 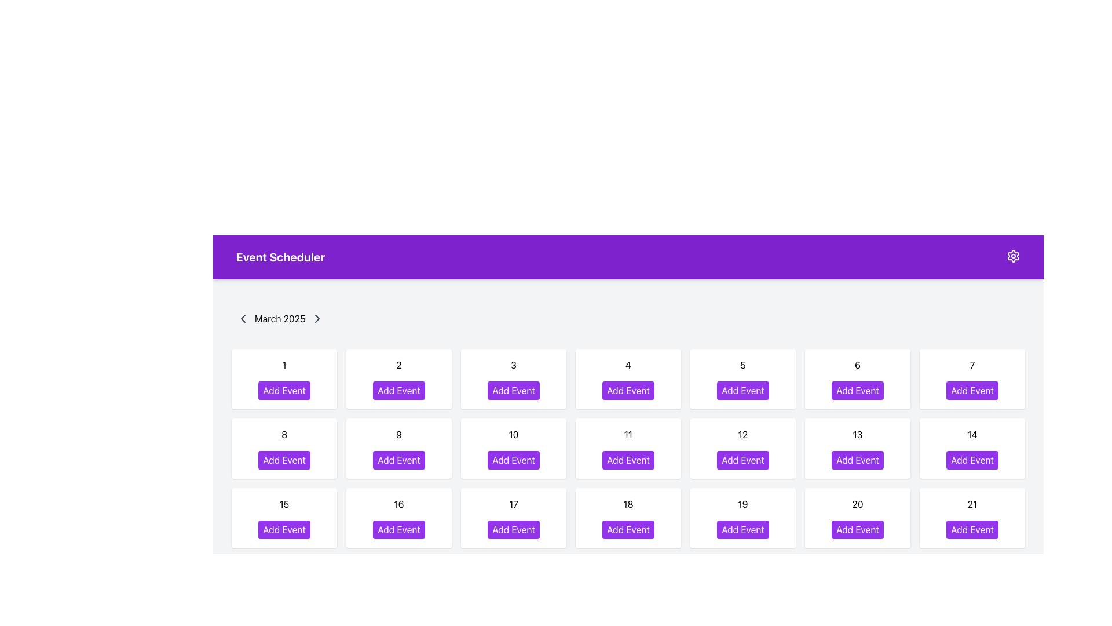 I want to click on the 'Add Event' button, which is a purple button with white text located in the fifth column of the top row of the calendar grid, so click(x=742, y=391).